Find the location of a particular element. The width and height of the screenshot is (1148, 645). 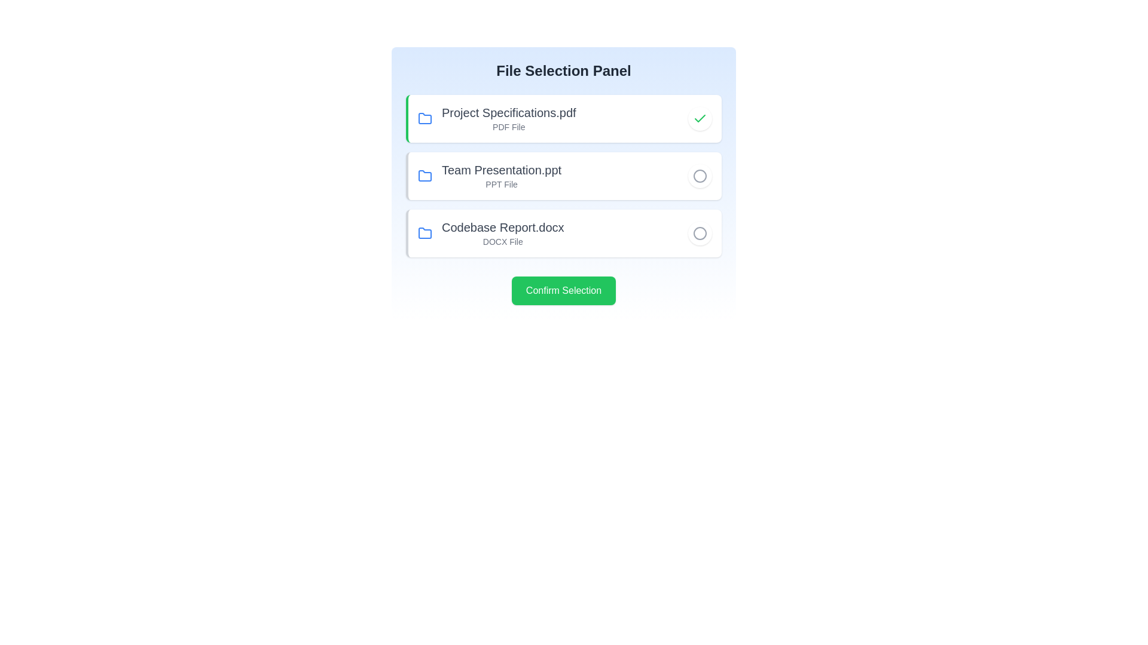

the file corresponding to Codebase Report.docx is located at coordinates (700, 233).